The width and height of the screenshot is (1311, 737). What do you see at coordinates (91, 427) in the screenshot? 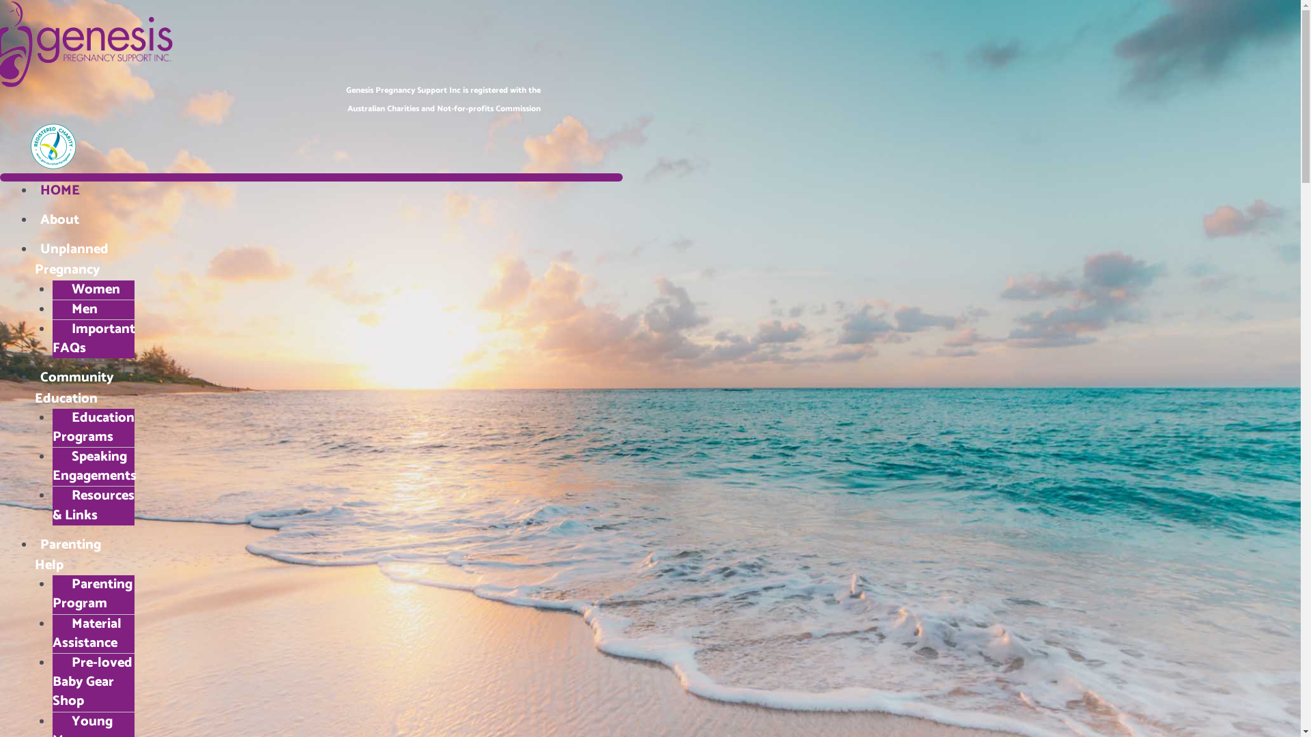
I see `'Education` at bounding box center [91, 427].